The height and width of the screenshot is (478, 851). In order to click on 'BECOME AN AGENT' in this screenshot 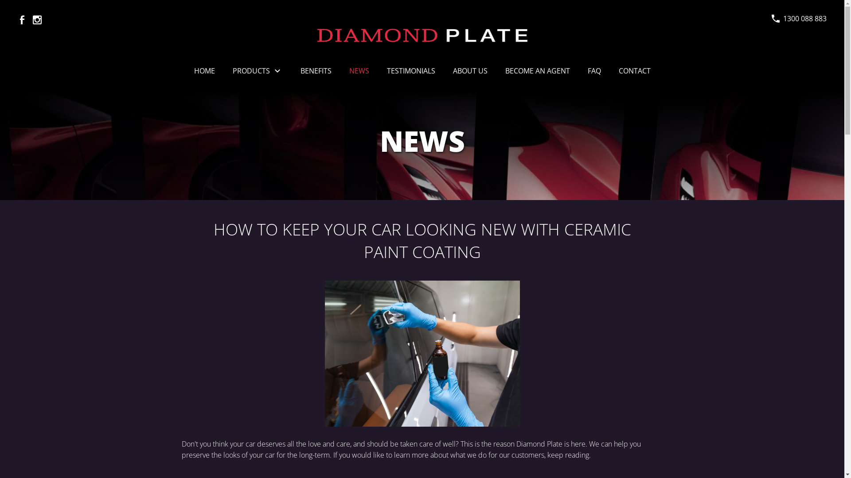, I will do `click(537, 70)`.